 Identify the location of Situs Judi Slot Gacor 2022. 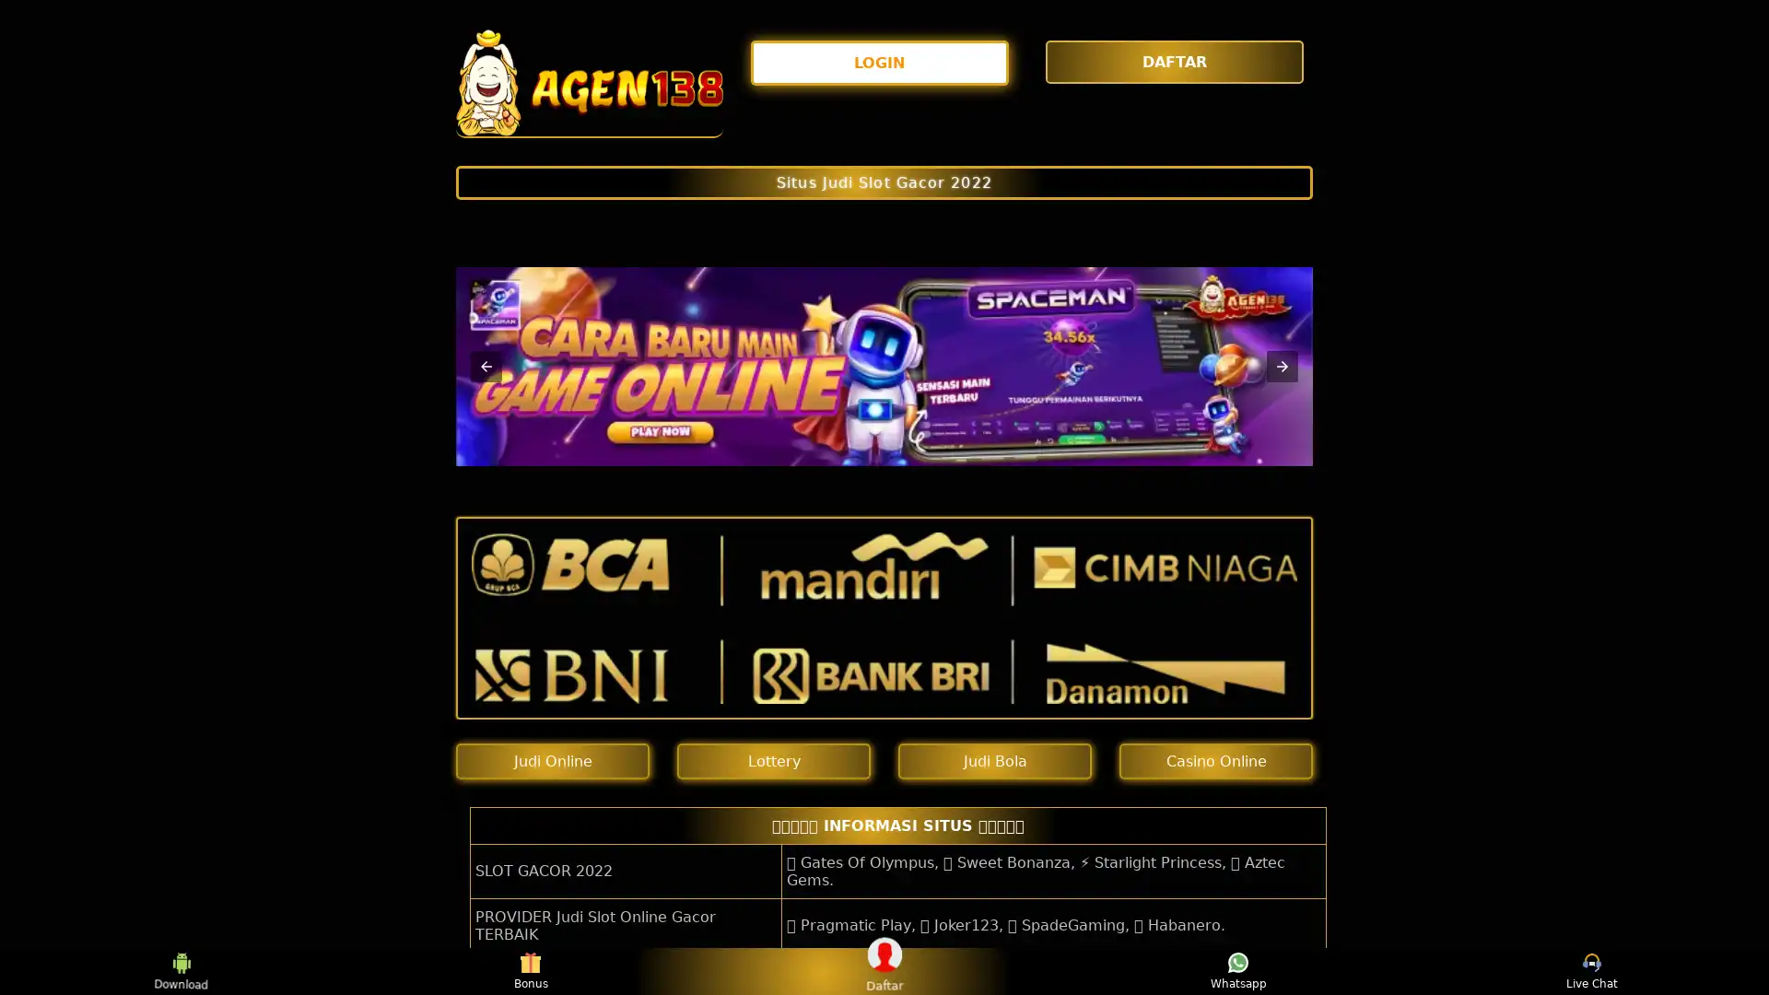
(884, 181).